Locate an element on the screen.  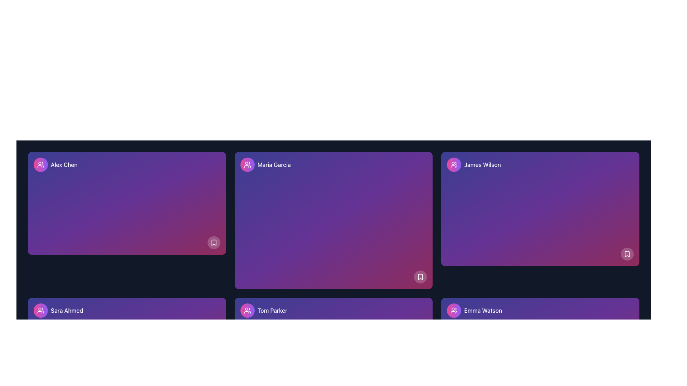
the text label displaying 'Maria Garcia' located at the top-left corner of the card-like component, adjacent to a circular icon with a pink gradient is located at coordinates (274, 165).